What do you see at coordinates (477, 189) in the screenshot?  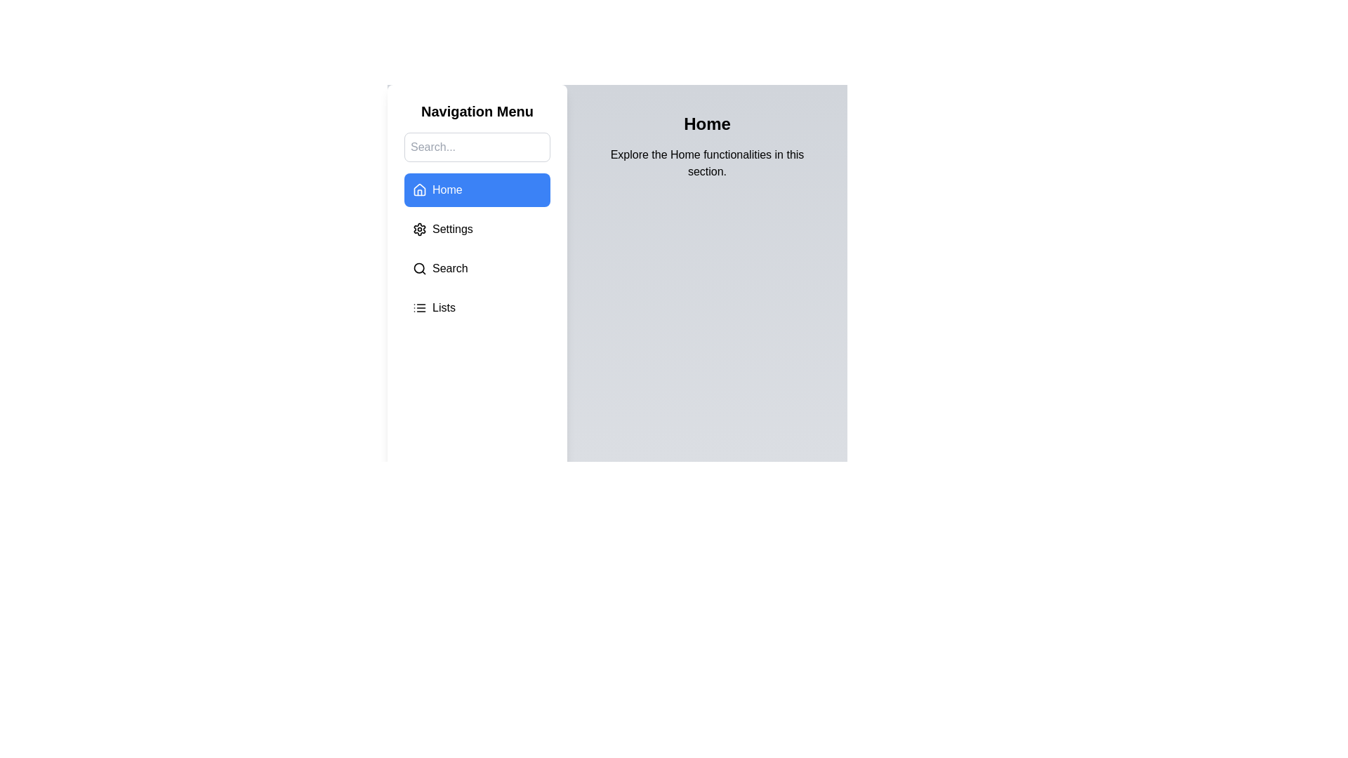 I see `the Home section from the menu` at bounding box center [477, 189].